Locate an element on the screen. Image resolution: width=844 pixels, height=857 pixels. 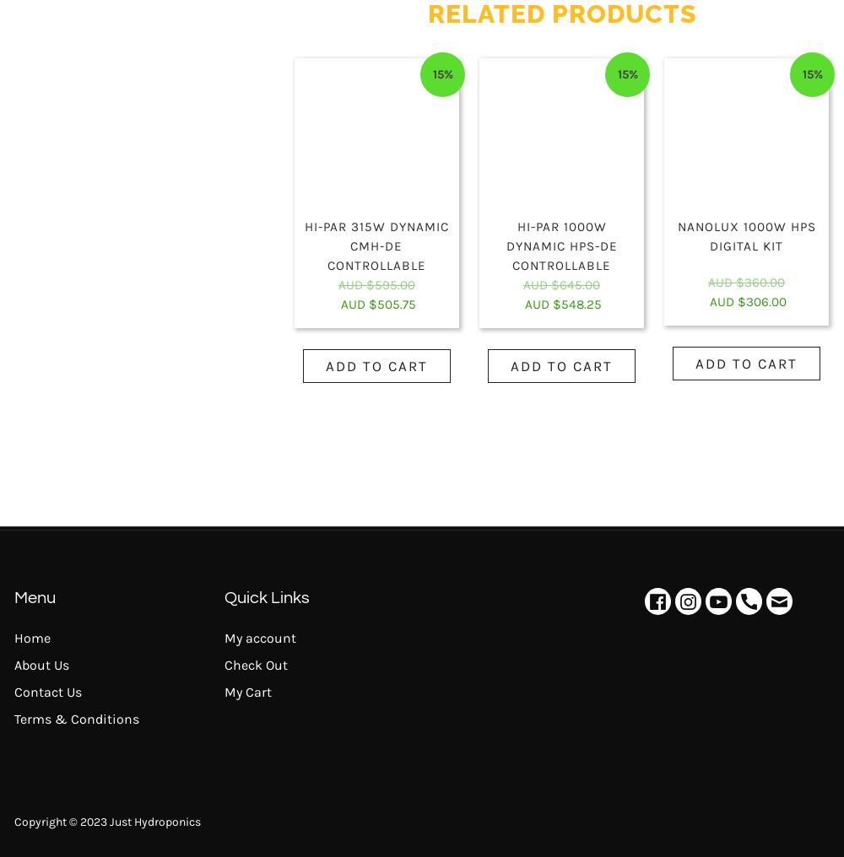
'505.75' is located at coordinates (395, 303).